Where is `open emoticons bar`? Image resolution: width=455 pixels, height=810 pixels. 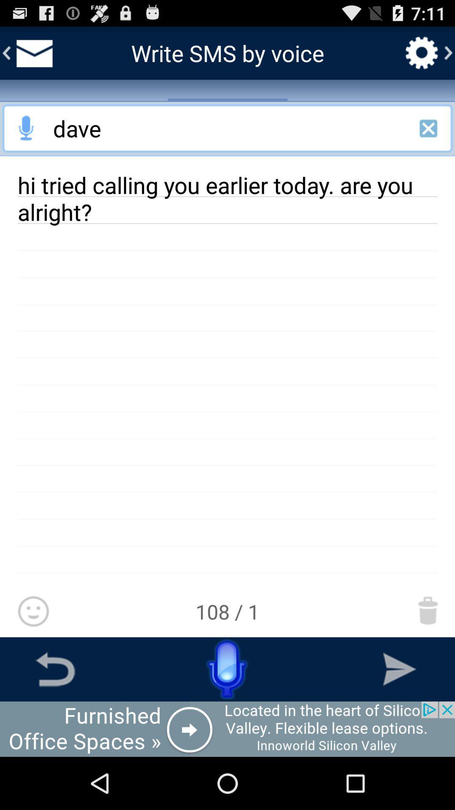
open emoticons bar is located at coordinates (33, 612).